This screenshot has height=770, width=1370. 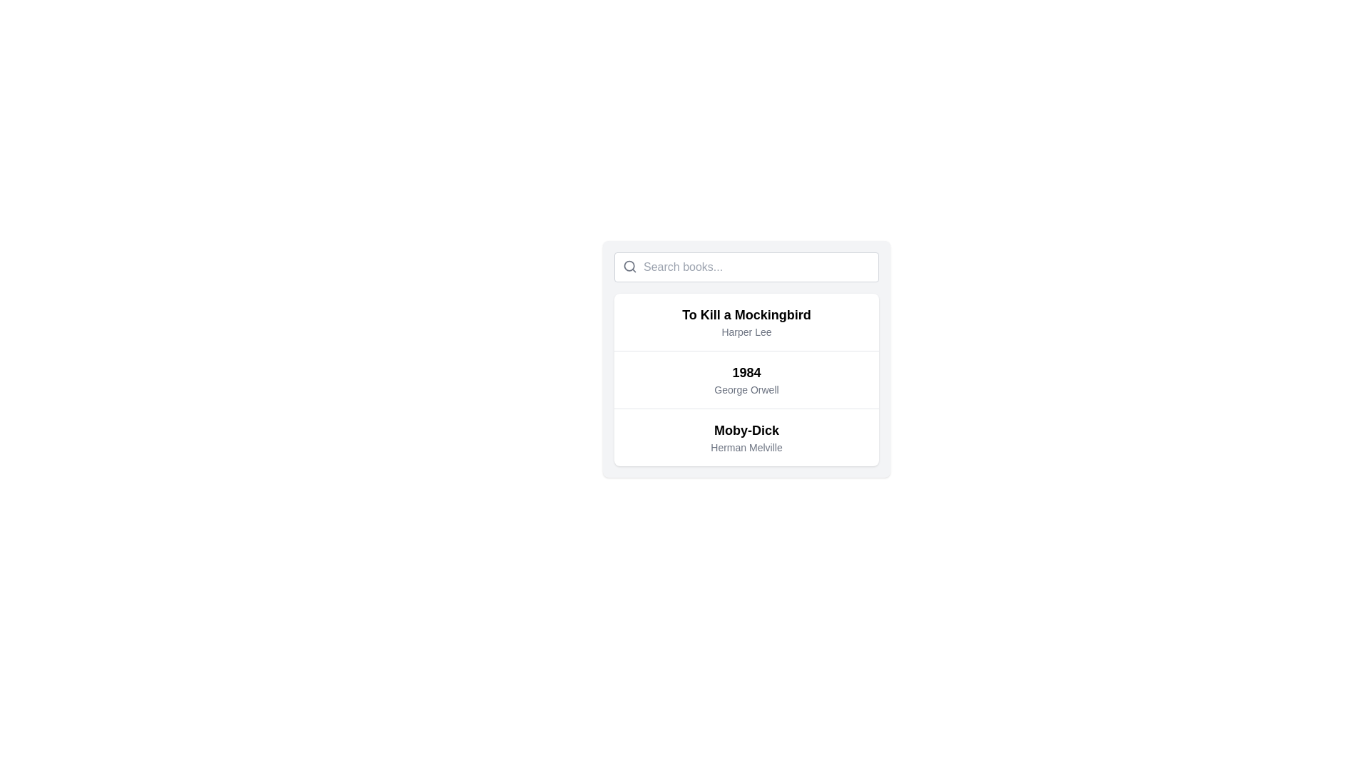 What do you see at coordinates (746, 322) in the screenshot?
I see `the List item displaying the book title 'To Kill a Mockingbird' by 'Harper Lee'` at bounding box center [746, 322].